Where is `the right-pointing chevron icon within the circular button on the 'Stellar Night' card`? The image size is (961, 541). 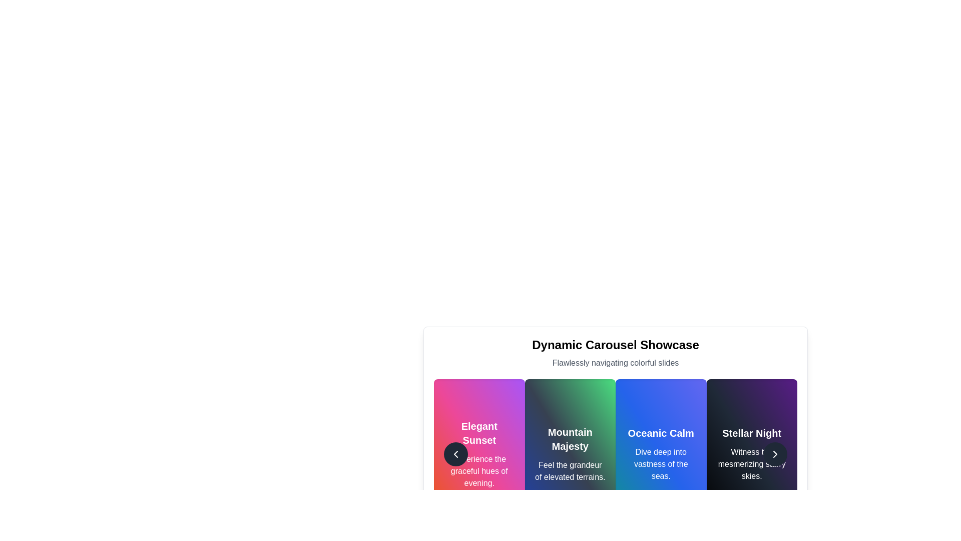 the right-pointing chevron icon within the circular button on the 'Stellar Night' card is located at coordinates (775, 454).